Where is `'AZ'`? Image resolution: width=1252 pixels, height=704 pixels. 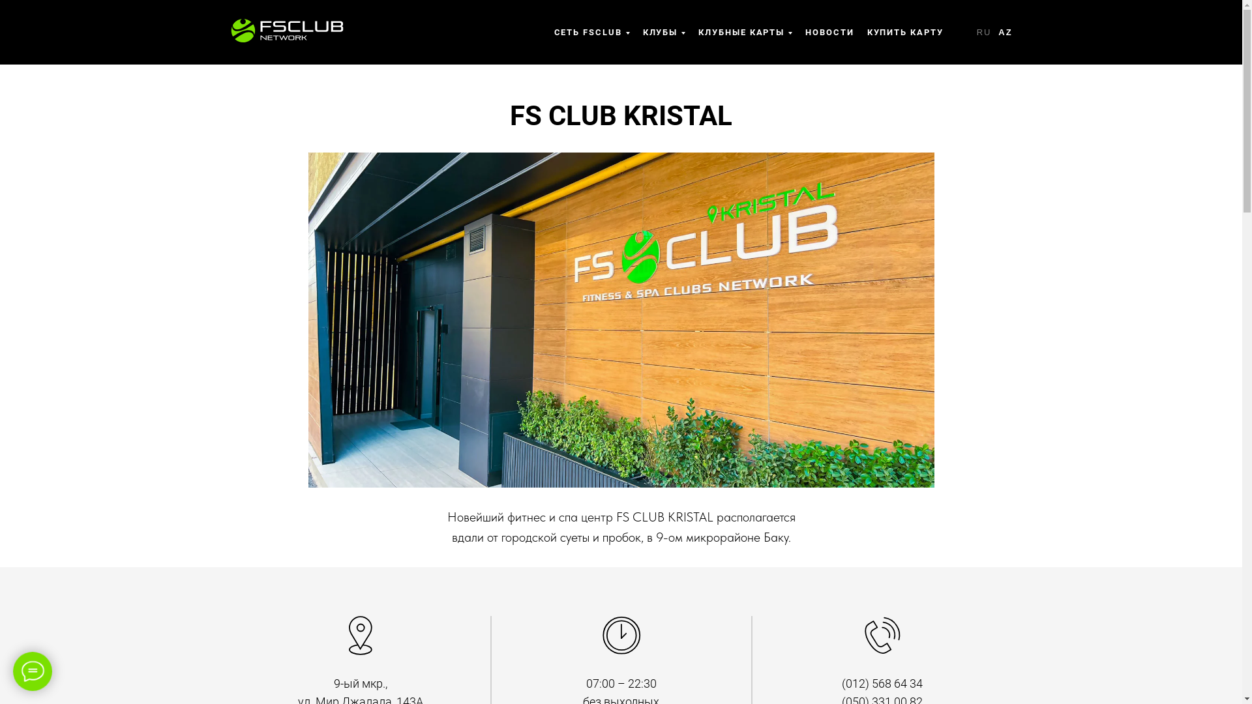
'AZ' is located at coordinates (1004, 31).